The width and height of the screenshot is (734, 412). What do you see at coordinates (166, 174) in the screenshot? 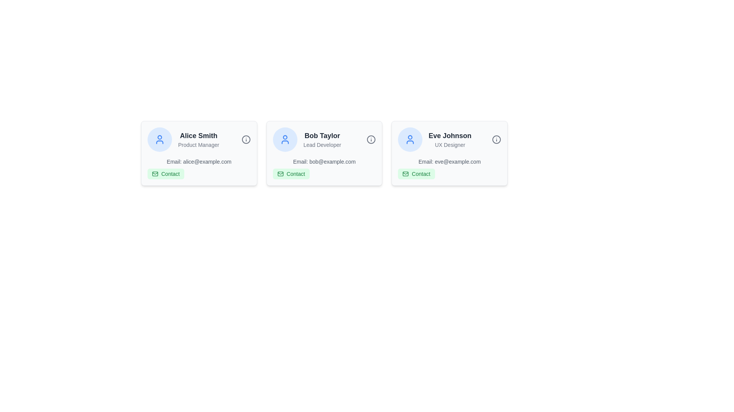
I see `the green 'Contact' button with an email envelope icon located in the bottom-left corner of Alice Smith's card` at bounding box center [166, 174].